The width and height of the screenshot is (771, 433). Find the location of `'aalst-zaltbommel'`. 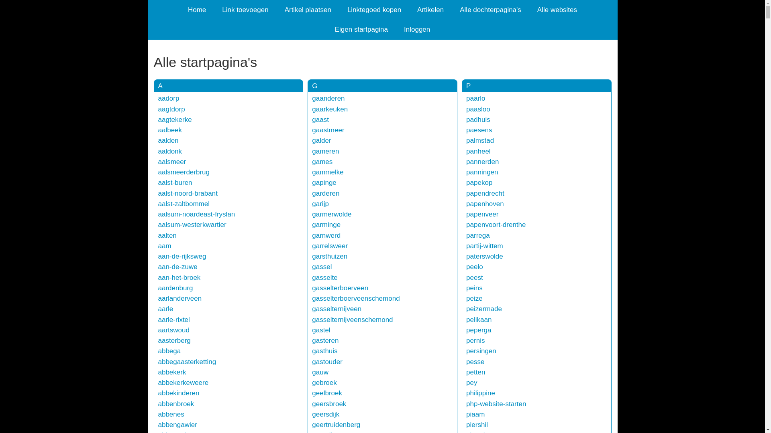

'aalst-zaltbommel' is located at coordinates (184, 203).